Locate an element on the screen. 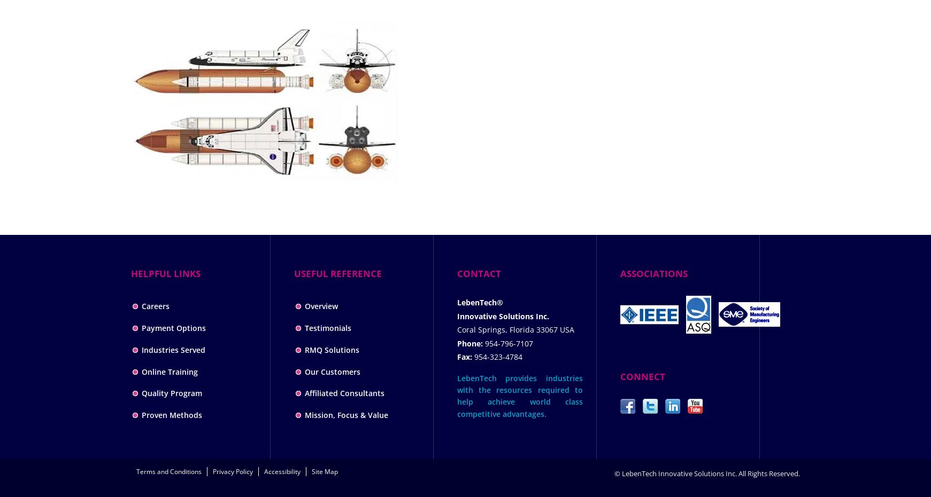  'LebenTech®' is located at coordinates (479, 302).